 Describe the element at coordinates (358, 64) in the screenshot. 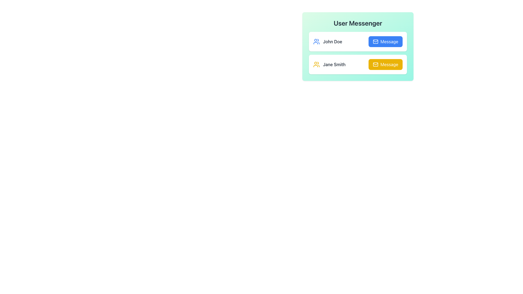

I see `the contact entry for 'Jane Smith'` at that location.